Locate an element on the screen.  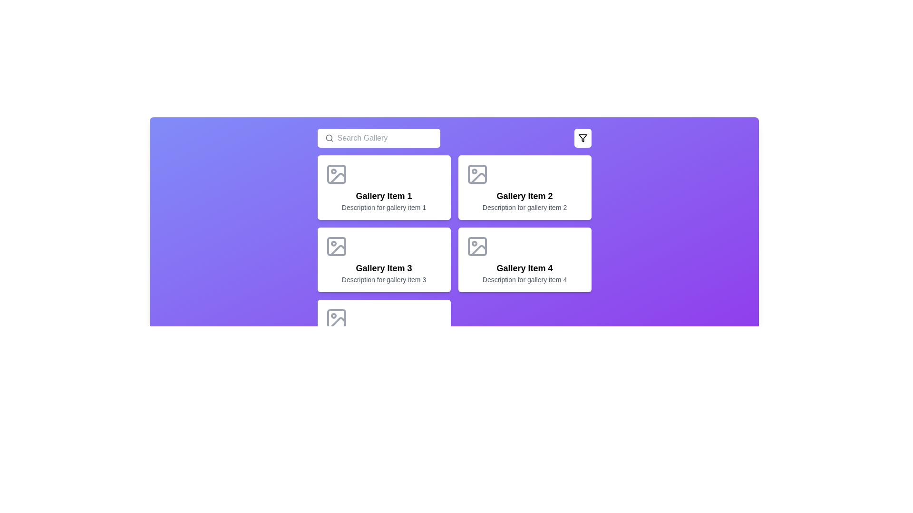
the filter icon button, which is a funnel-shaped icon located in the top-right area of the interactive purple section of the UI, to filter items is located at coordinates (582, 138).